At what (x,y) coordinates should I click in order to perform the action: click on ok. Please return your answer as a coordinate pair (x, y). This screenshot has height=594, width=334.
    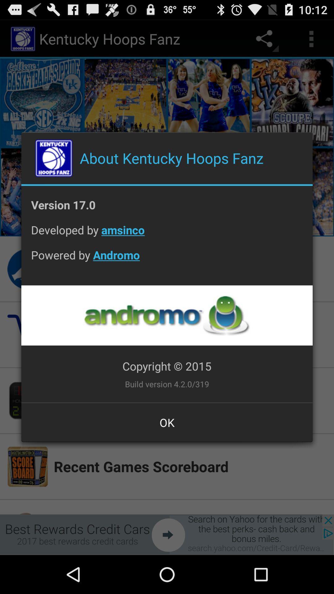
    Looking at the image, I should click on (167, 422).